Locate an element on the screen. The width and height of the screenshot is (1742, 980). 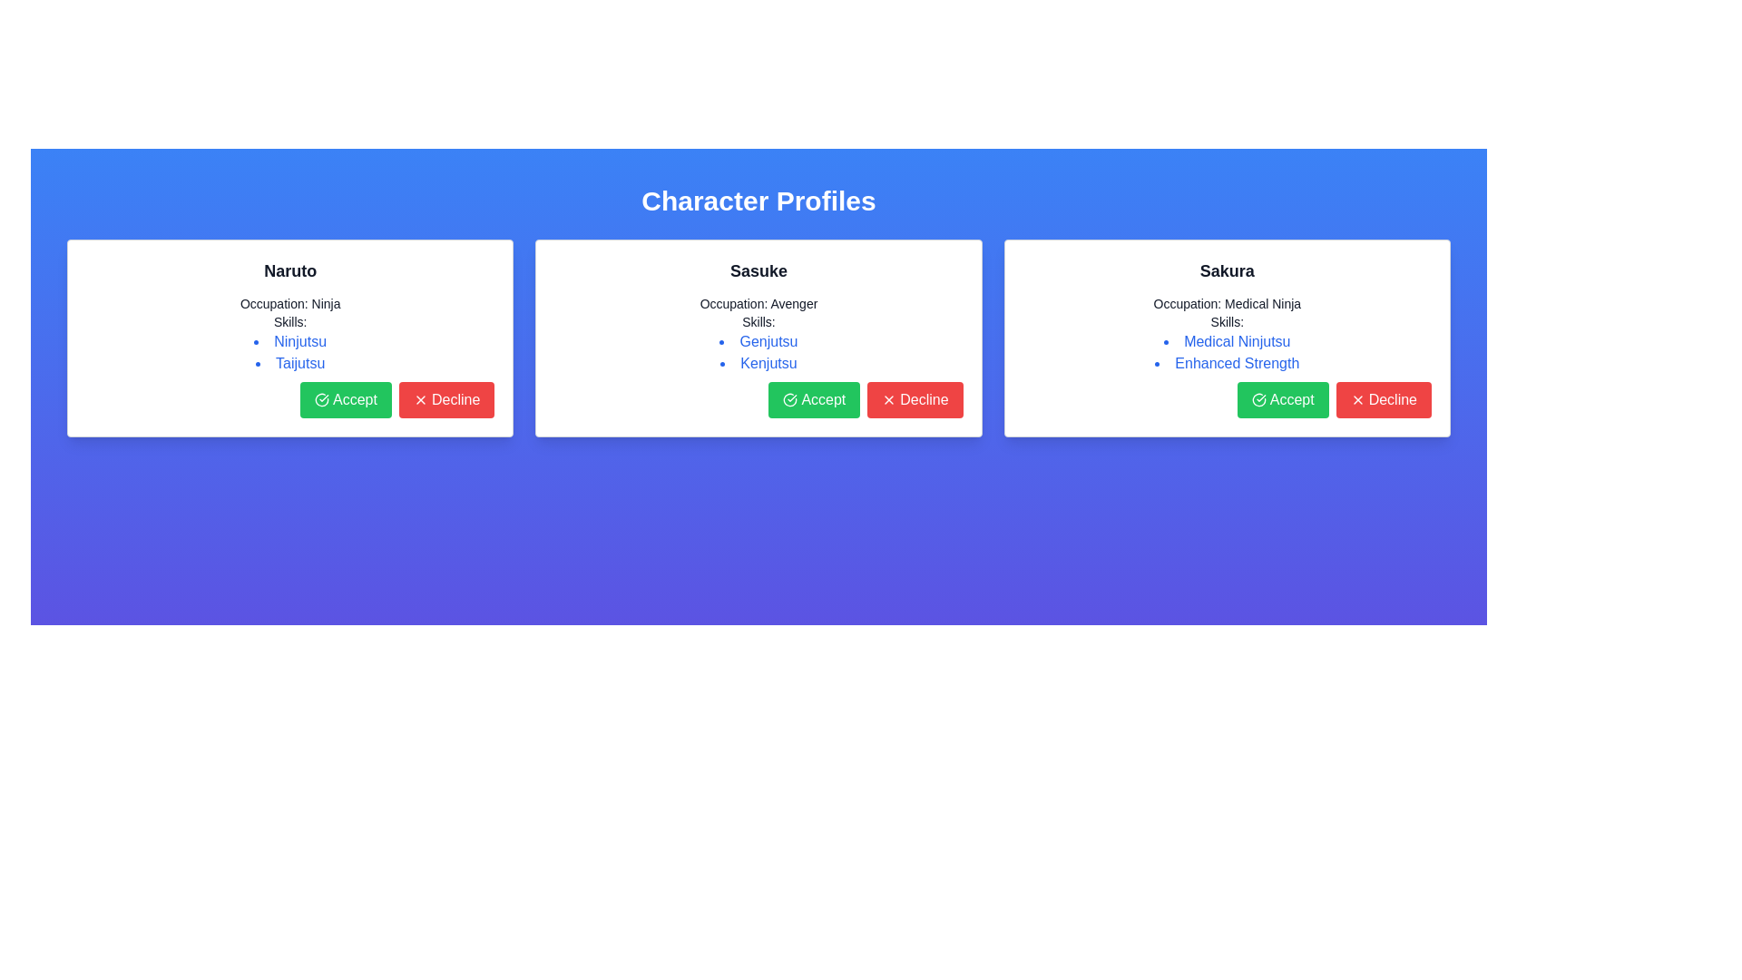
the 'Sakura' text label, which is prominently displayed in bold and larger font, located at the top of the third panel under the 'Character Profiles' header is located at coordinates (1227, 271).